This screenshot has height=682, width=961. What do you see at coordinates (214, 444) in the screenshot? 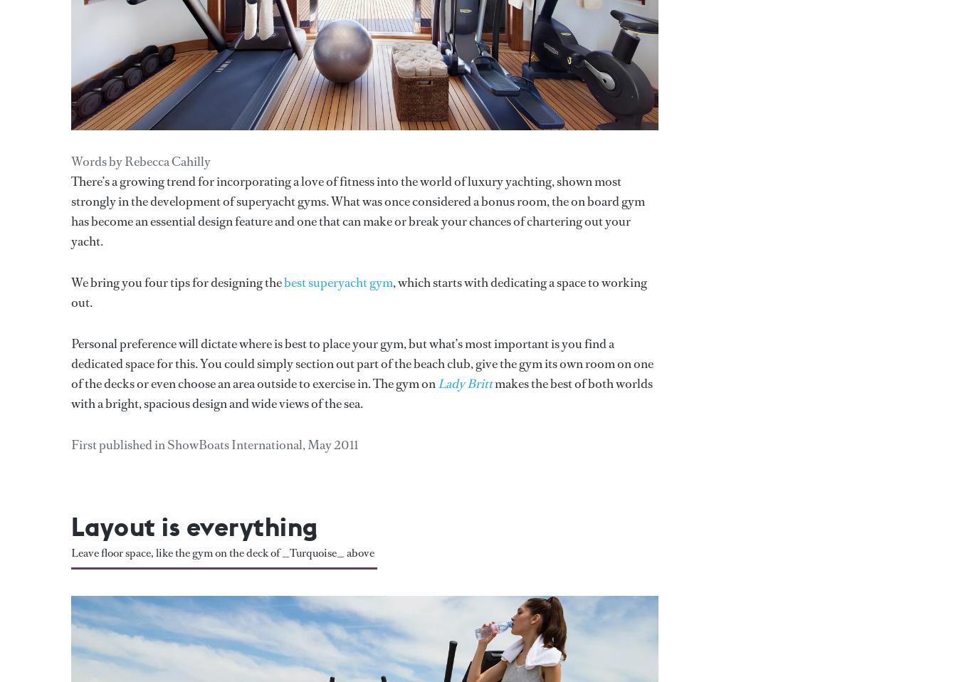
I see `'First published in ShowBoats International, May 2011'` at bounding box center [214, 444].